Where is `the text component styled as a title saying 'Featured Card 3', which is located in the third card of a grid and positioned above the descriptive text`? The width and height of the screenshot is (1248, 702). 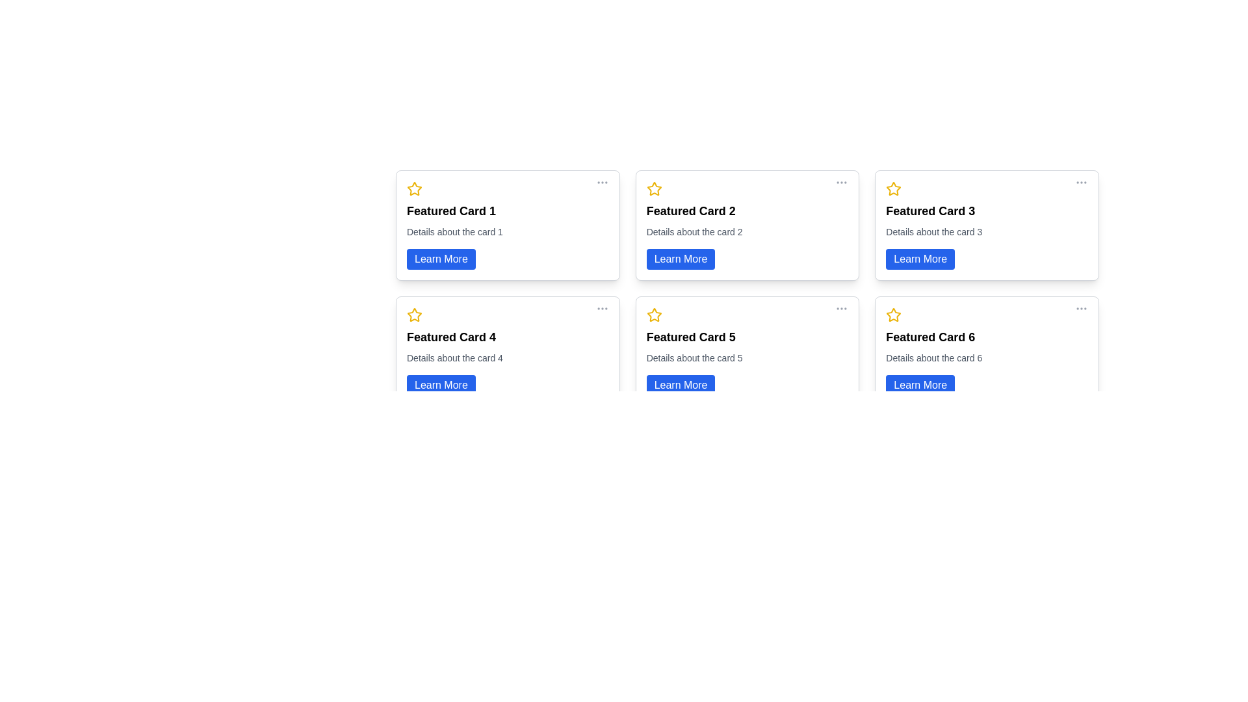 the text component styled as a title saying 'Featured Card 3', which is located in the third card of a grid and positioned above the descriptive text is located at coordinates (929, 210).